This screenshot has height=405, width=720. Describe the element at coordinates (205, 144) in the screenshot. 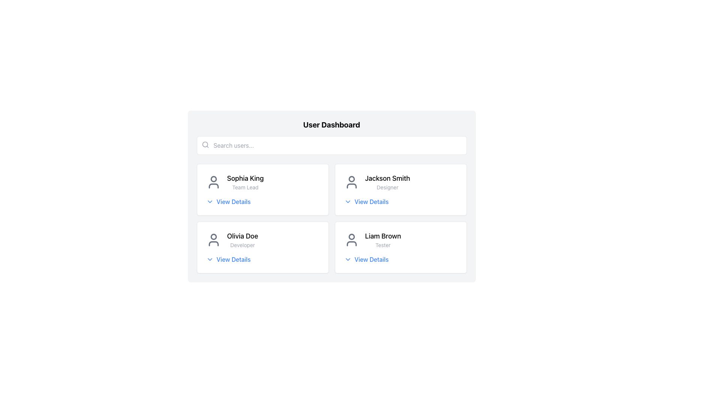

I see `the small circular icon that is centered within the magnifying glass symbol of the search icon, located to the left of the search text input box` at that location.